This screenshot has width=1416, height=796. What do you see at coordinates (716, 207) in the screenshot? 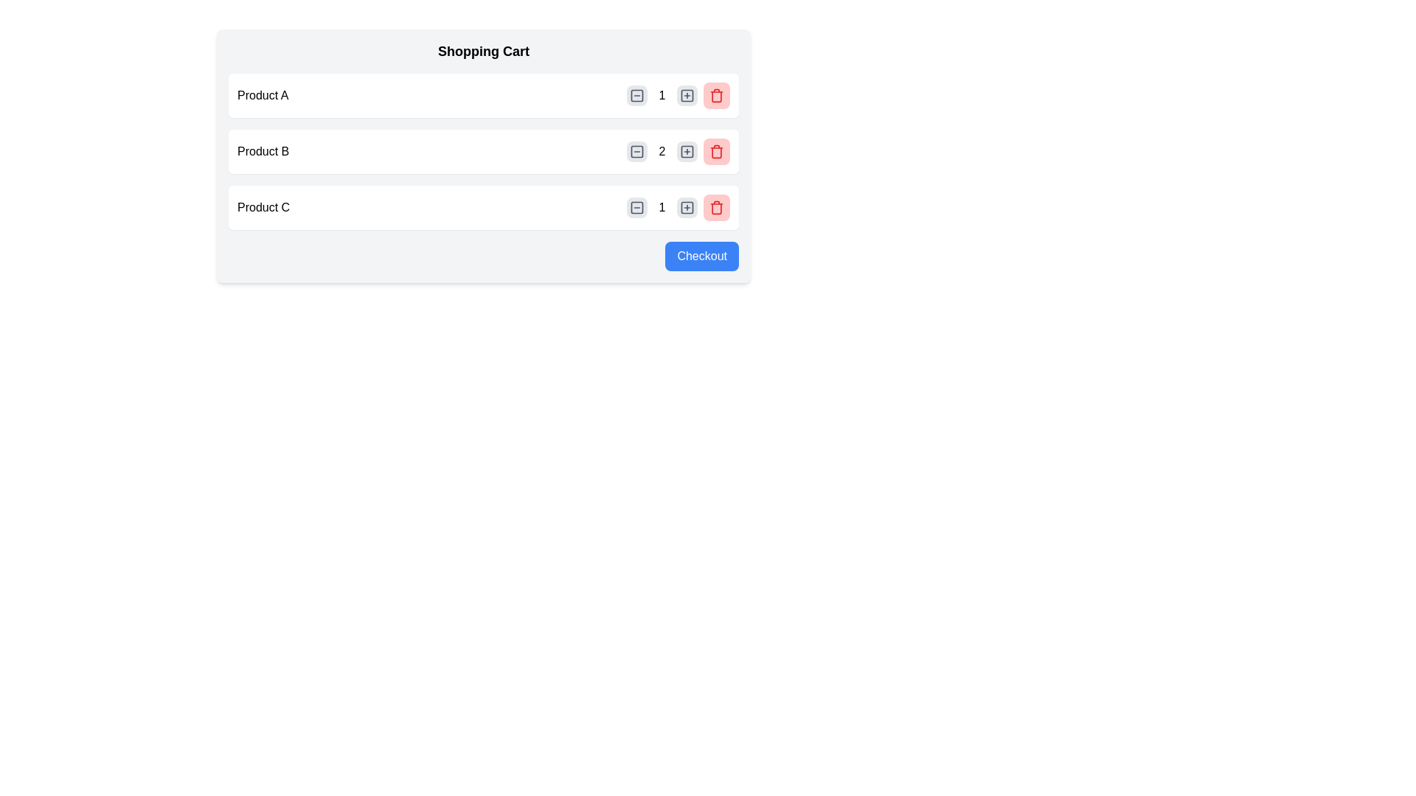
I see `the red delete button with a trash can icon located at the far right of 'Product C'` at bounding box center [716, 207].